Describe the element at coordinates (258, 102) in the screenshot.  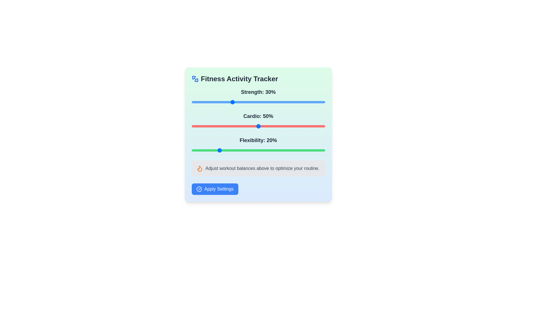
I see `the horizontal slider element, which is blue and positioned below the label 'Strength: 30%'` at that location.